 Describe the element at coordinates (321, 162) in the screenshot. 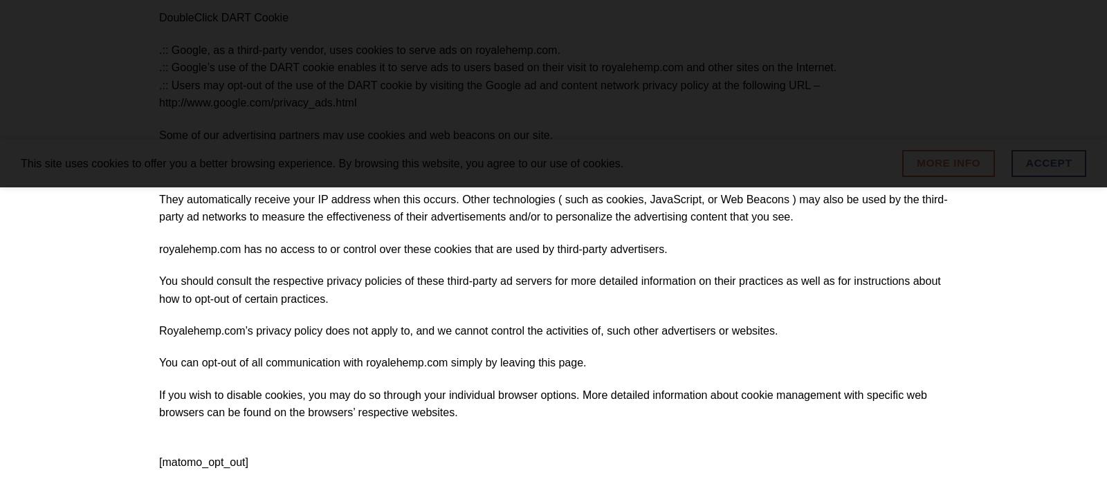

I see `'This site uses cookies to offer you a better browsing experience. By browsing this website, you agree to our use of cookies.'` at that location.